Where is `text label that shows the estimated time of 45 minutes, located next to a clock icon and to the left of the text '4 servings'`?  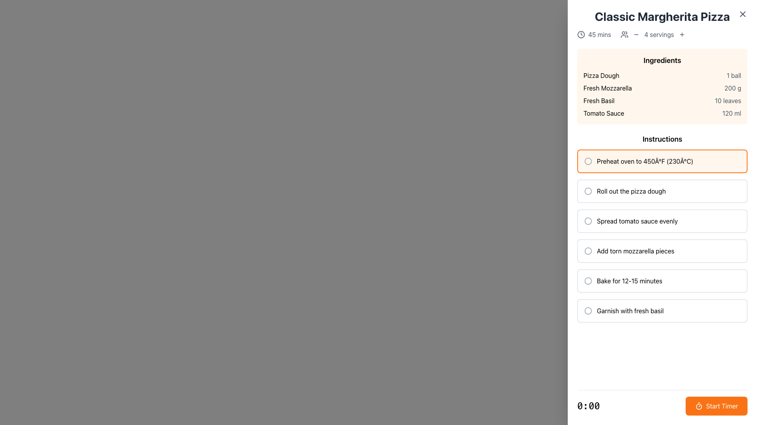 text label that shows the estimated time of 45 minutes, located next to a clock icon and to the left of the text '4 servings' is located at coordinates (599, 34).